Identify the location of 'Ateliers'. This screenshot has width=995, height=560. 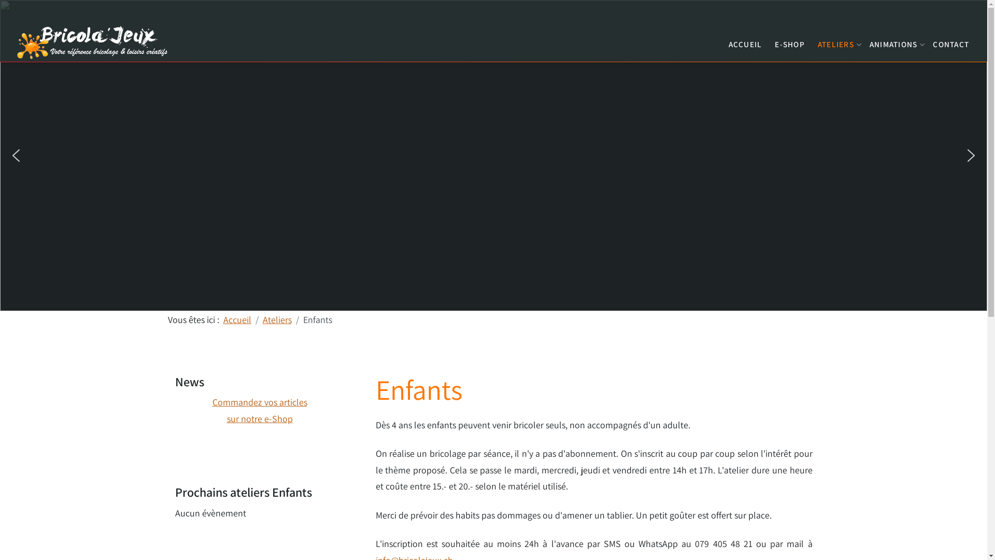
(276, 319).